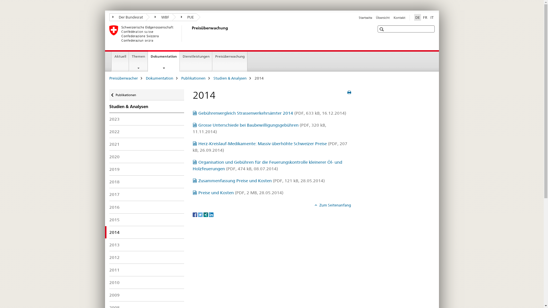  I want to click on 'FR', so click(425, 17).